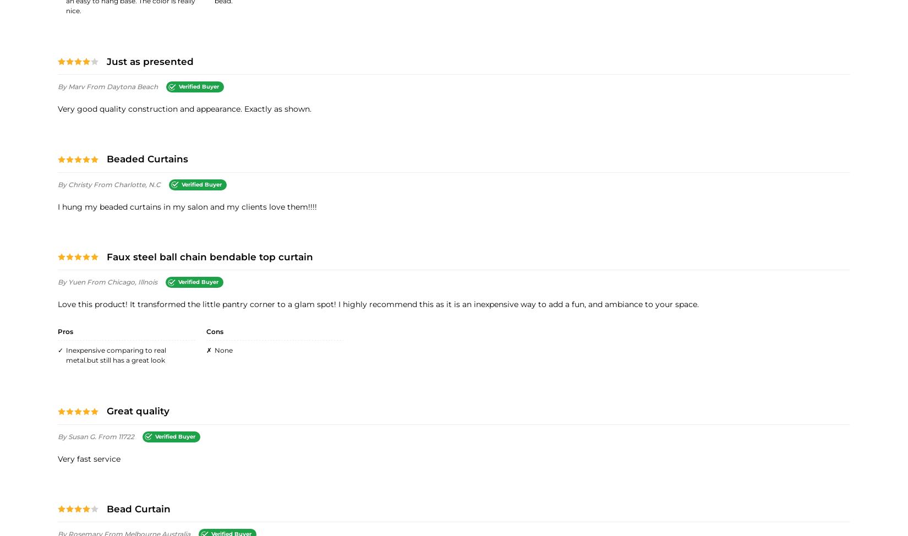 The width and height of the screenshot is (908, 536). What do you see at coordinates (147, 158) in the screenshot?
I see `'Beaded Curtains'` at bounding box center [147, 158].